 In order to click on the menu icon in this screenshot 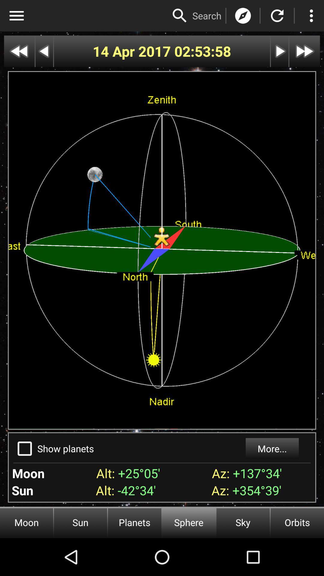, I will do `click(16, 16)`.